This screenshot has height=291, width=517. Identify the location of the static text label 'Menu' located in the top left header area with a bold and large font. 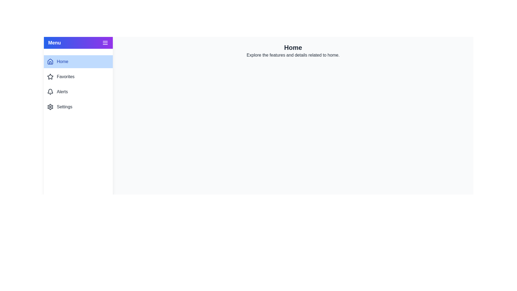
(54, 42).